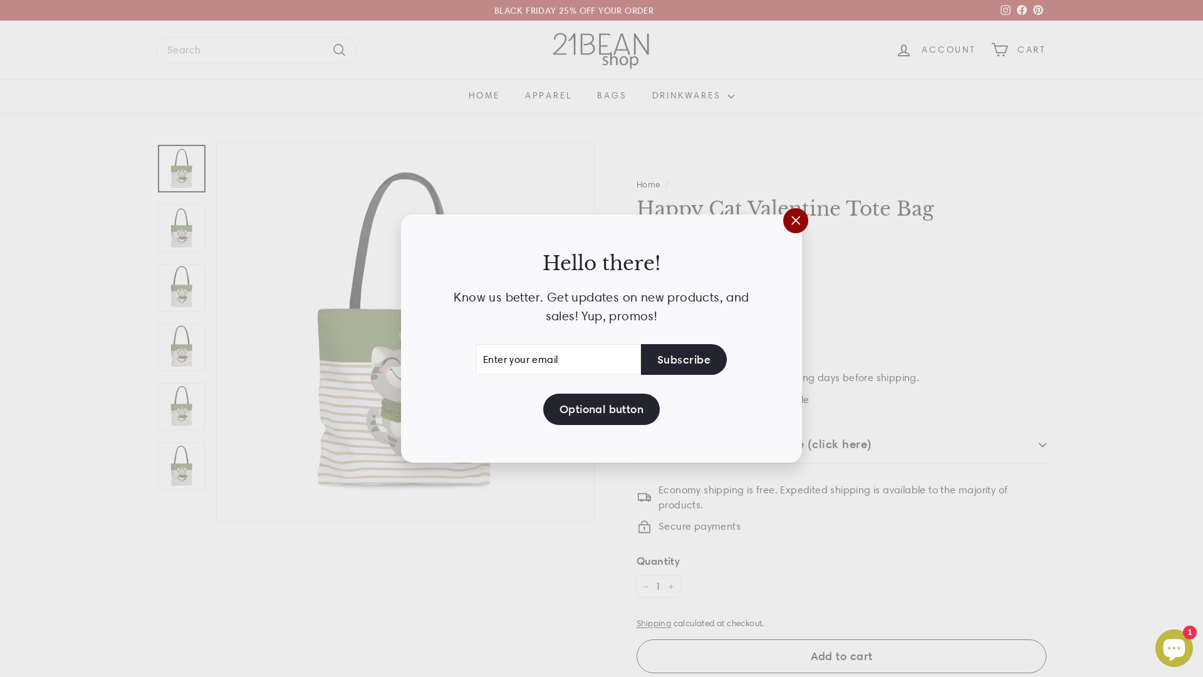  Describe the element at coordinates (612, 95) in the screenshot. I see `'BAGS'` at that location.